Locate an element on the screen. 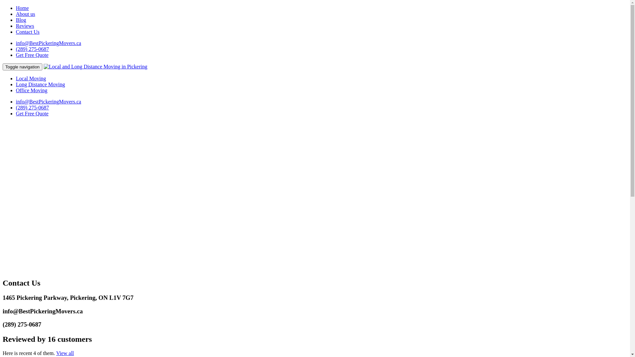  'Local Moving' is located at coordinates (30, 78).